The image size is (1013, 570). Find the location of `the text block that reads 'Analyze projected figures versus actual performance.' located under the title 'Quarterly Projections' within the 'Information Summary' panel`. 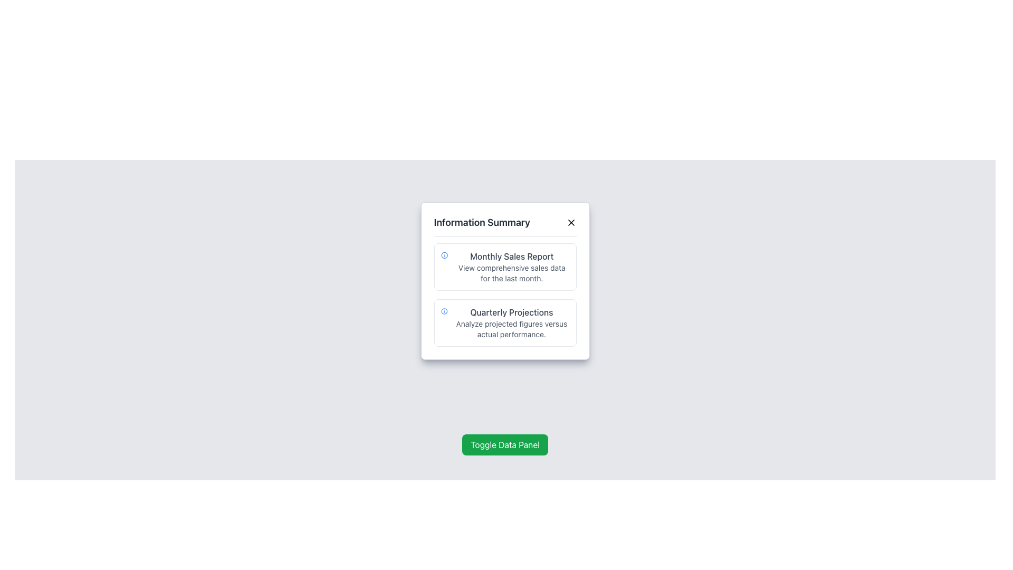

the text block that reads 'Analyze projected figures versus actual performance.' located under the title 'Quarterly Projections' within the 'Information Summary' panel is located at coordinates (511, 329).